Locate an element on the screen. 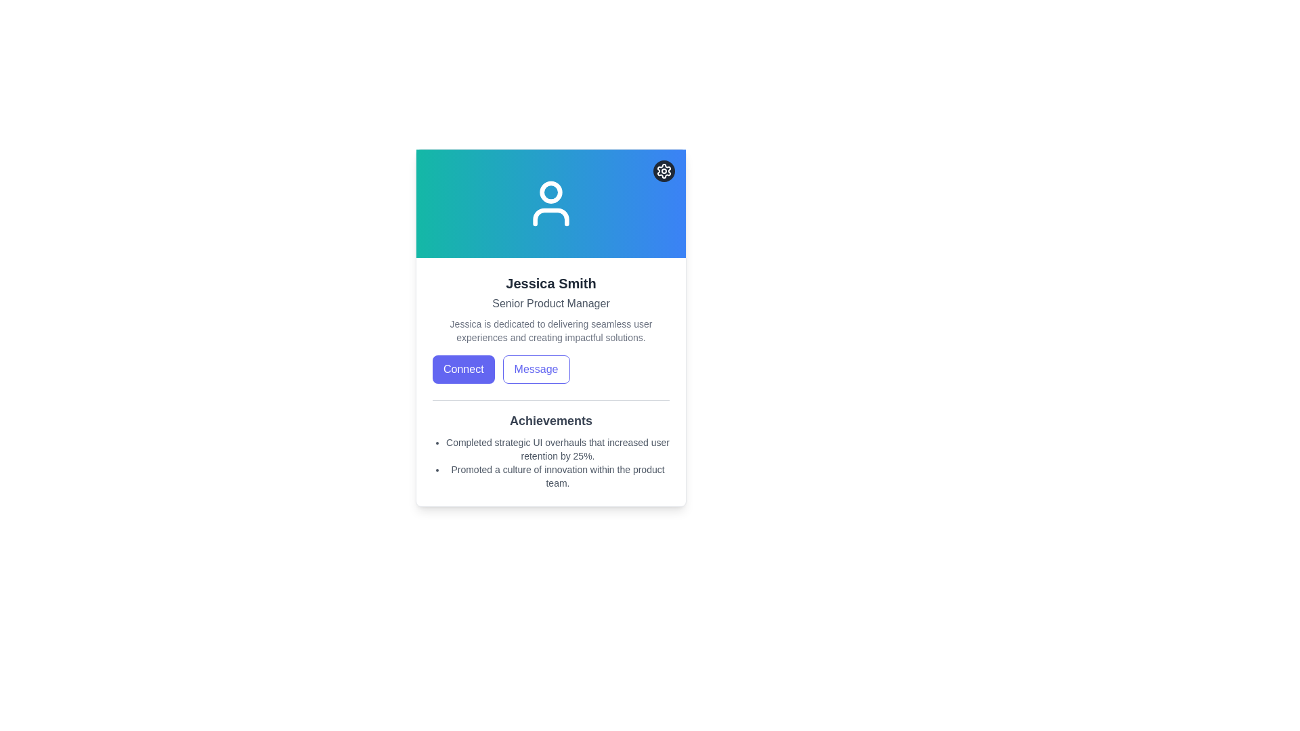  the static text element that reads 'Completed strategic UI overhauls that increased user retention by 25%' to possibly view additional information is located at coordinates (558, 449).